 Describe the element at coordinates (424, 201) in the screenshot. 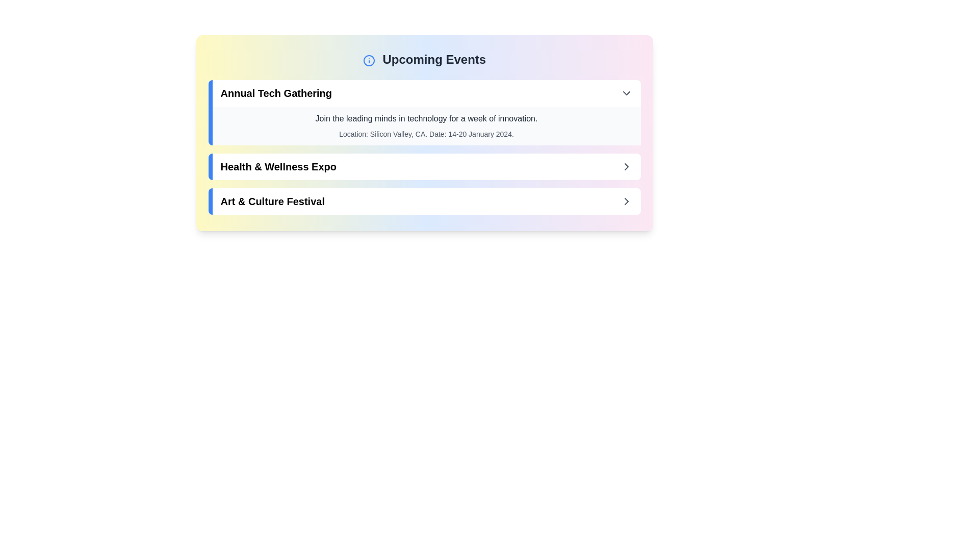

I see `the 'Art & Culture Festival' event list item to interact with it and view more details` at that location.